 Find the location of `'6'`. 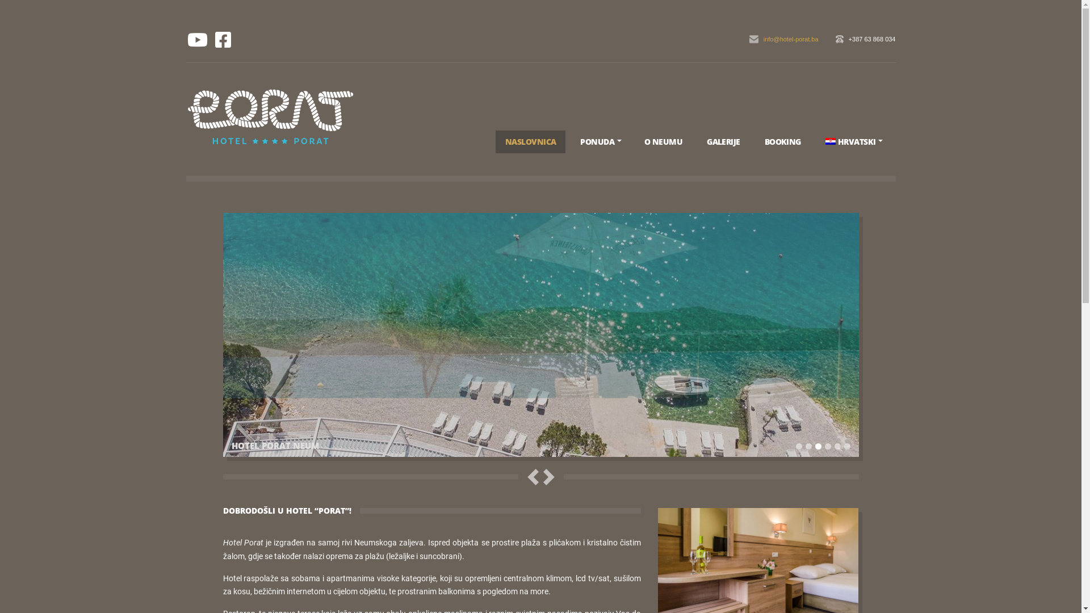

'6' is located at coordinates (844, 446).